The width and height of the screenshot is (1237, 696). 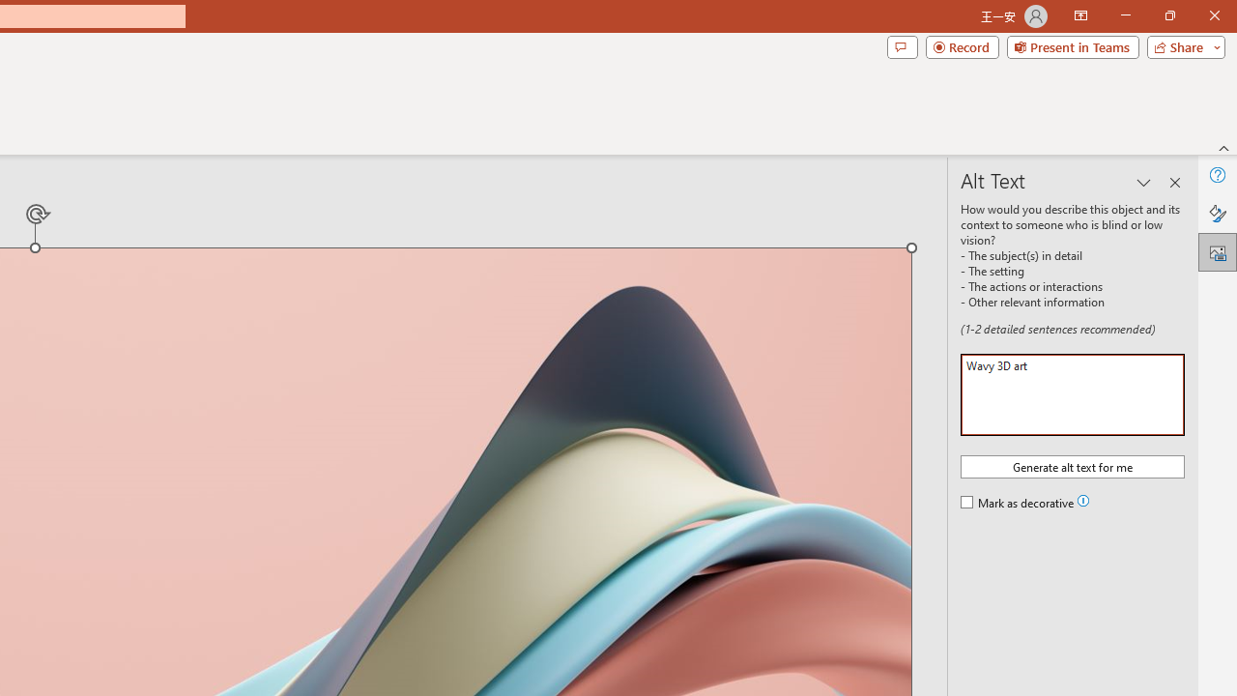 I want to click on 'Format Picture', so click(x=1217, y=214).